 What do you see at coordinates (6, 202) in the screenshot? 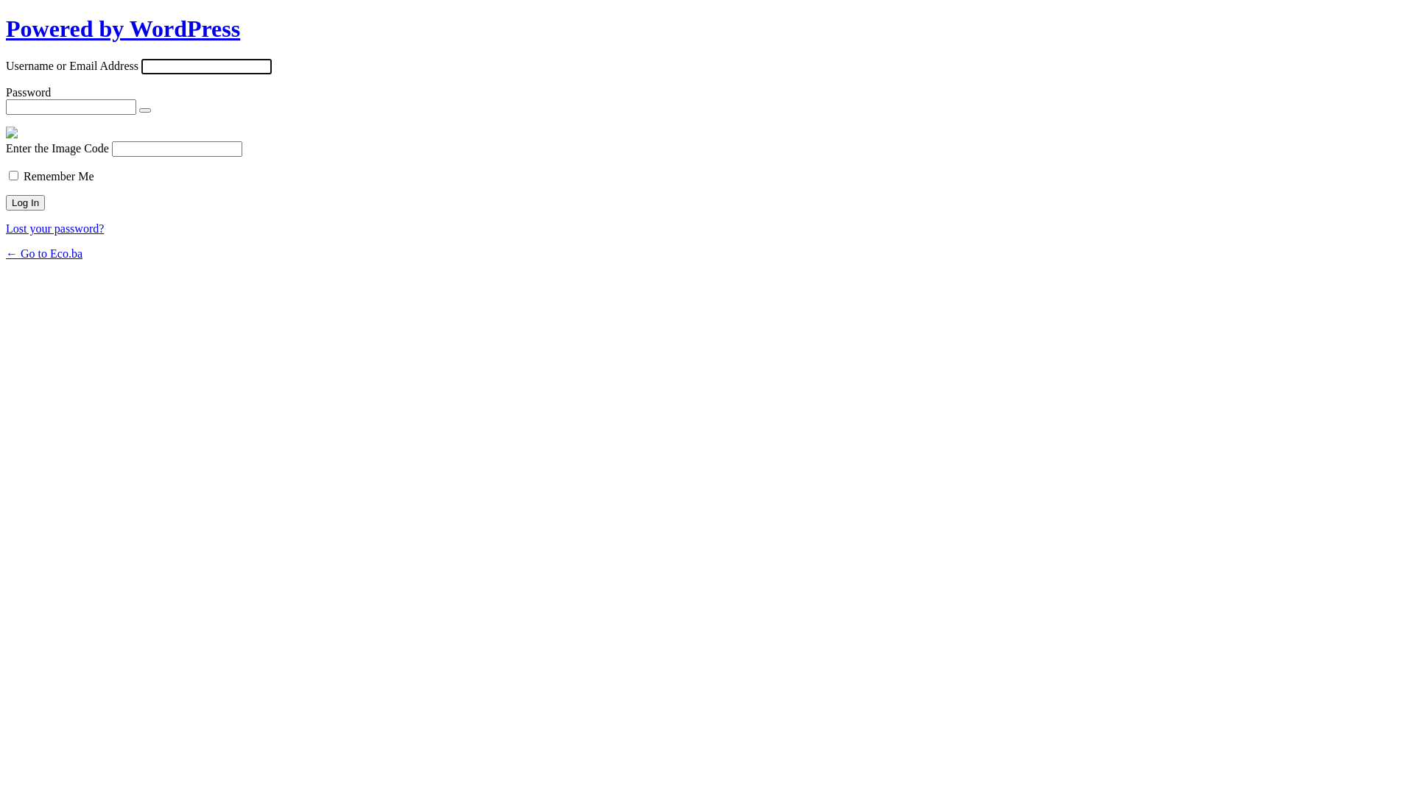
I see `'Log In'` at bounding box center [6, 202].